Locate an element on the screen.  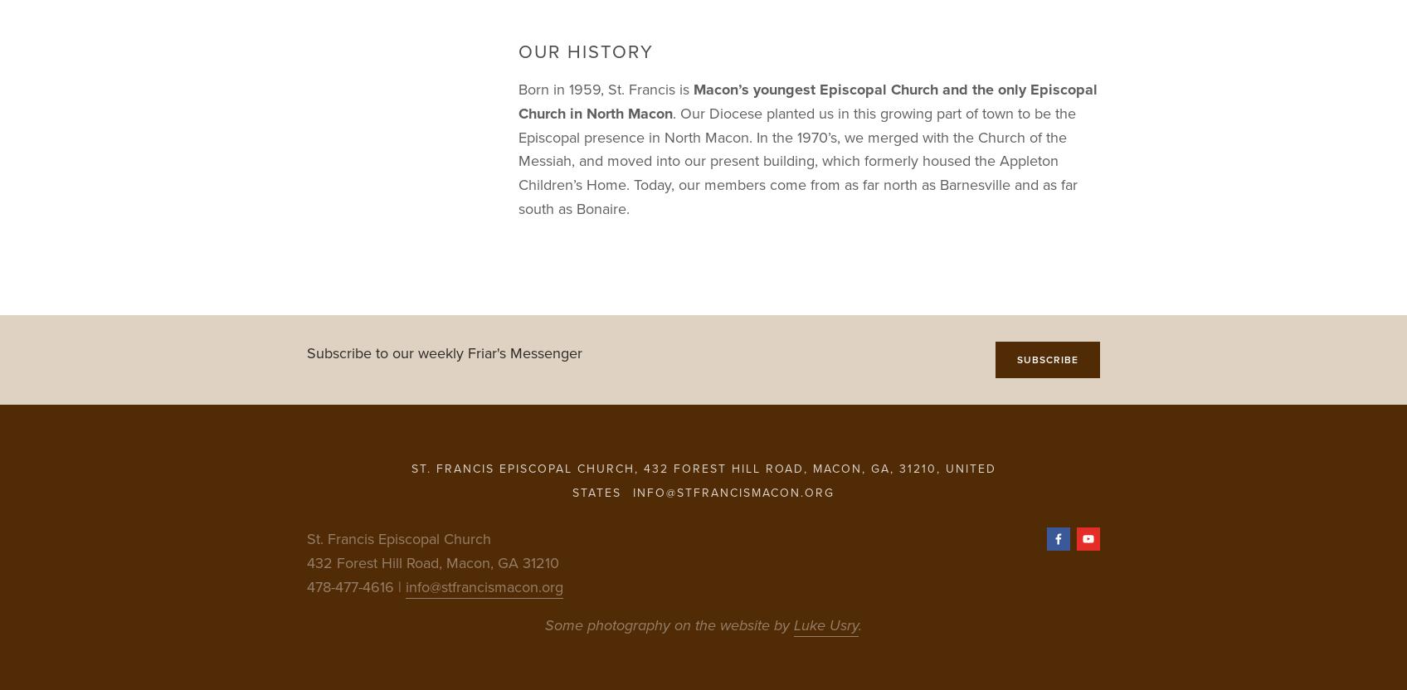
'Born in 1959, St. Francis is' is located at coordinates (606, 88).